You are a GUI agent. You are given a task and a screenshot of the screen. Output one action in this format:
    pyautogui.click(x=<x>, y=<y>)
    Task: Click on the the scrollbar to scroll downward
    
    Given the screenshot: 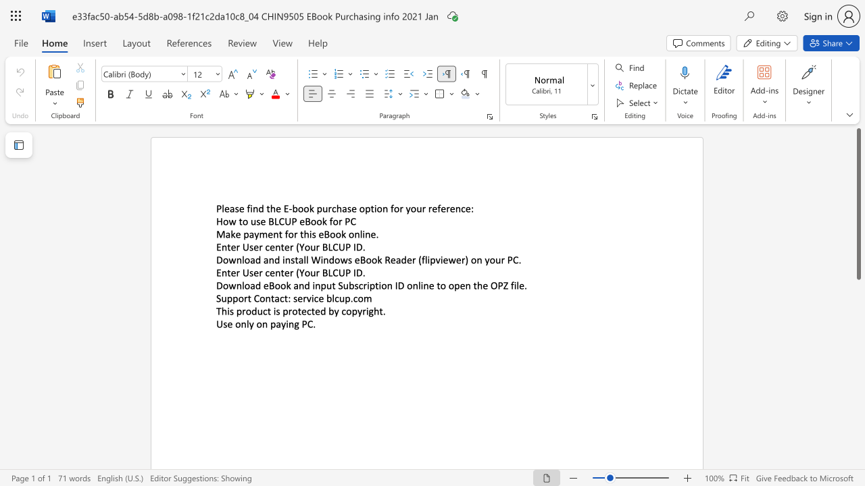 What is the action you would take?
    pyautogui.click(x=858, y=304)
    